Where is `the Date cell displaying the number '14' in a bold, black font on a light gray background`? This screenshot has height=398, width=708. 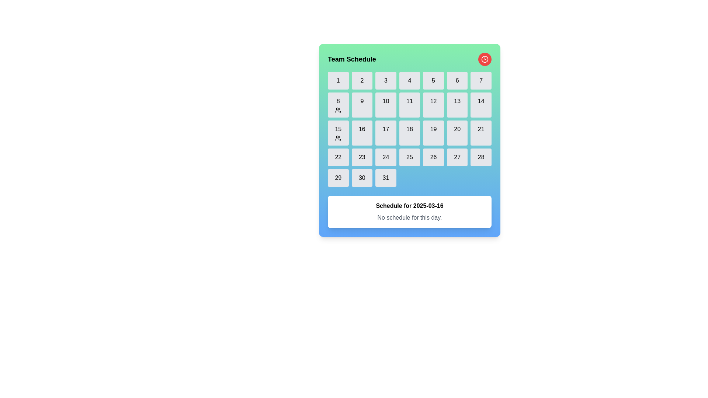
the Date cell displaying the number '14' in a bold, black font on a light gray background is located at coordinates (481, 101).